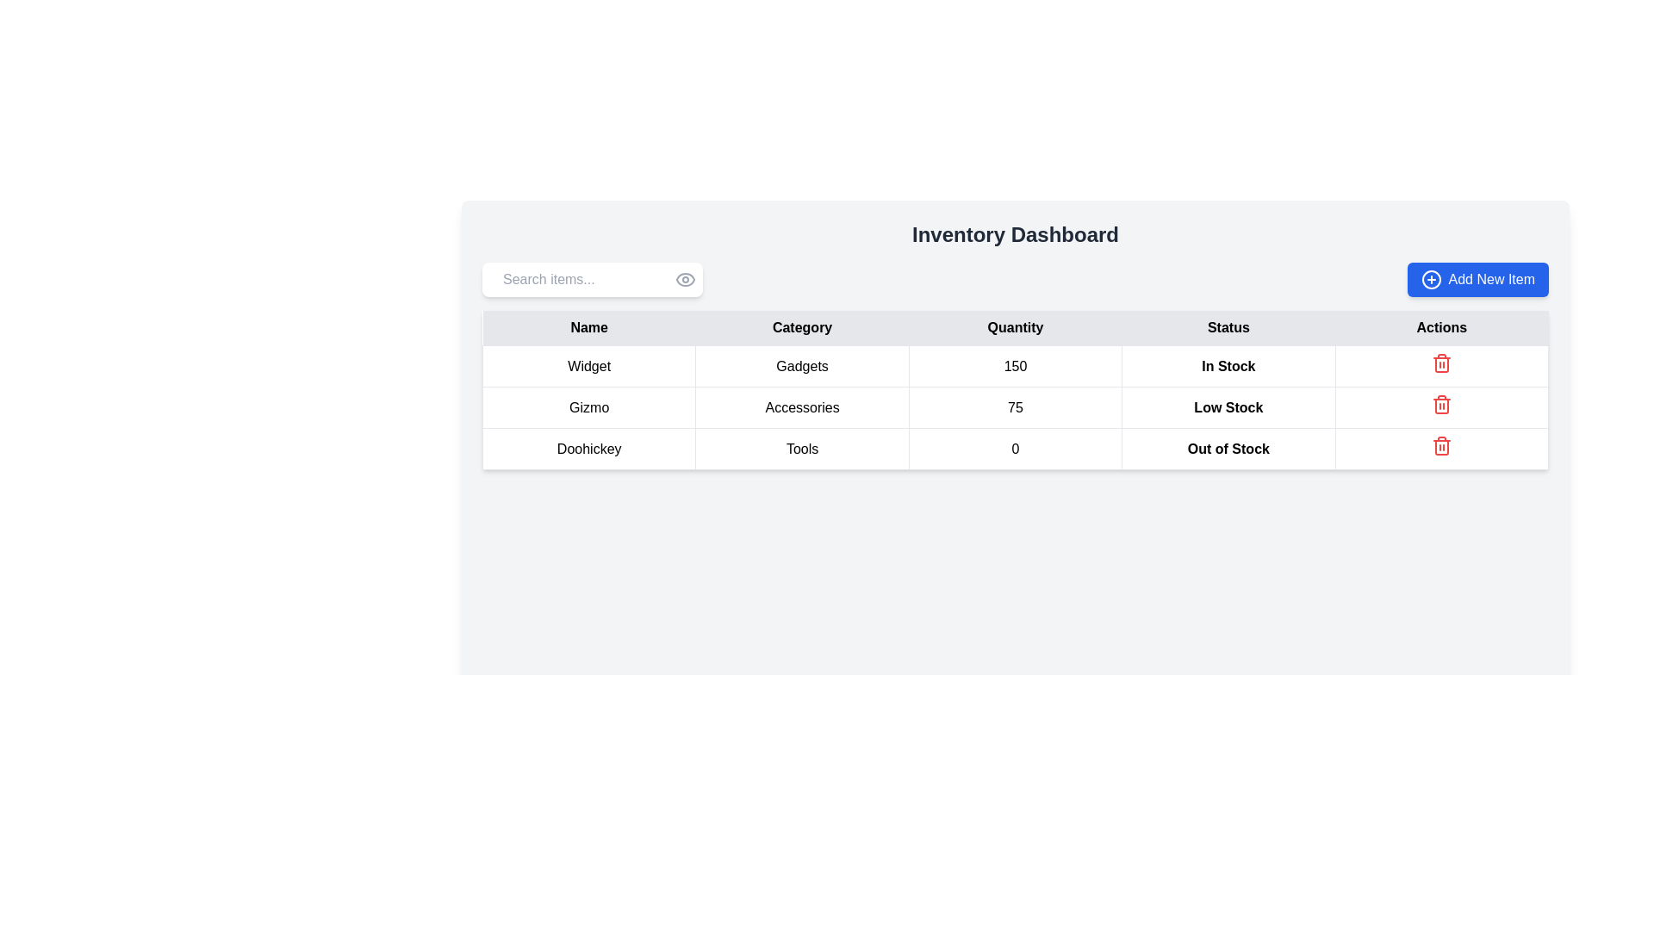 The width and height of the screenshot is (1654, 930). I want to click on the 'Actions' text label, which is styled in bold and located in the last column of a header row within a light gray background in a table, so click(1441, 328).